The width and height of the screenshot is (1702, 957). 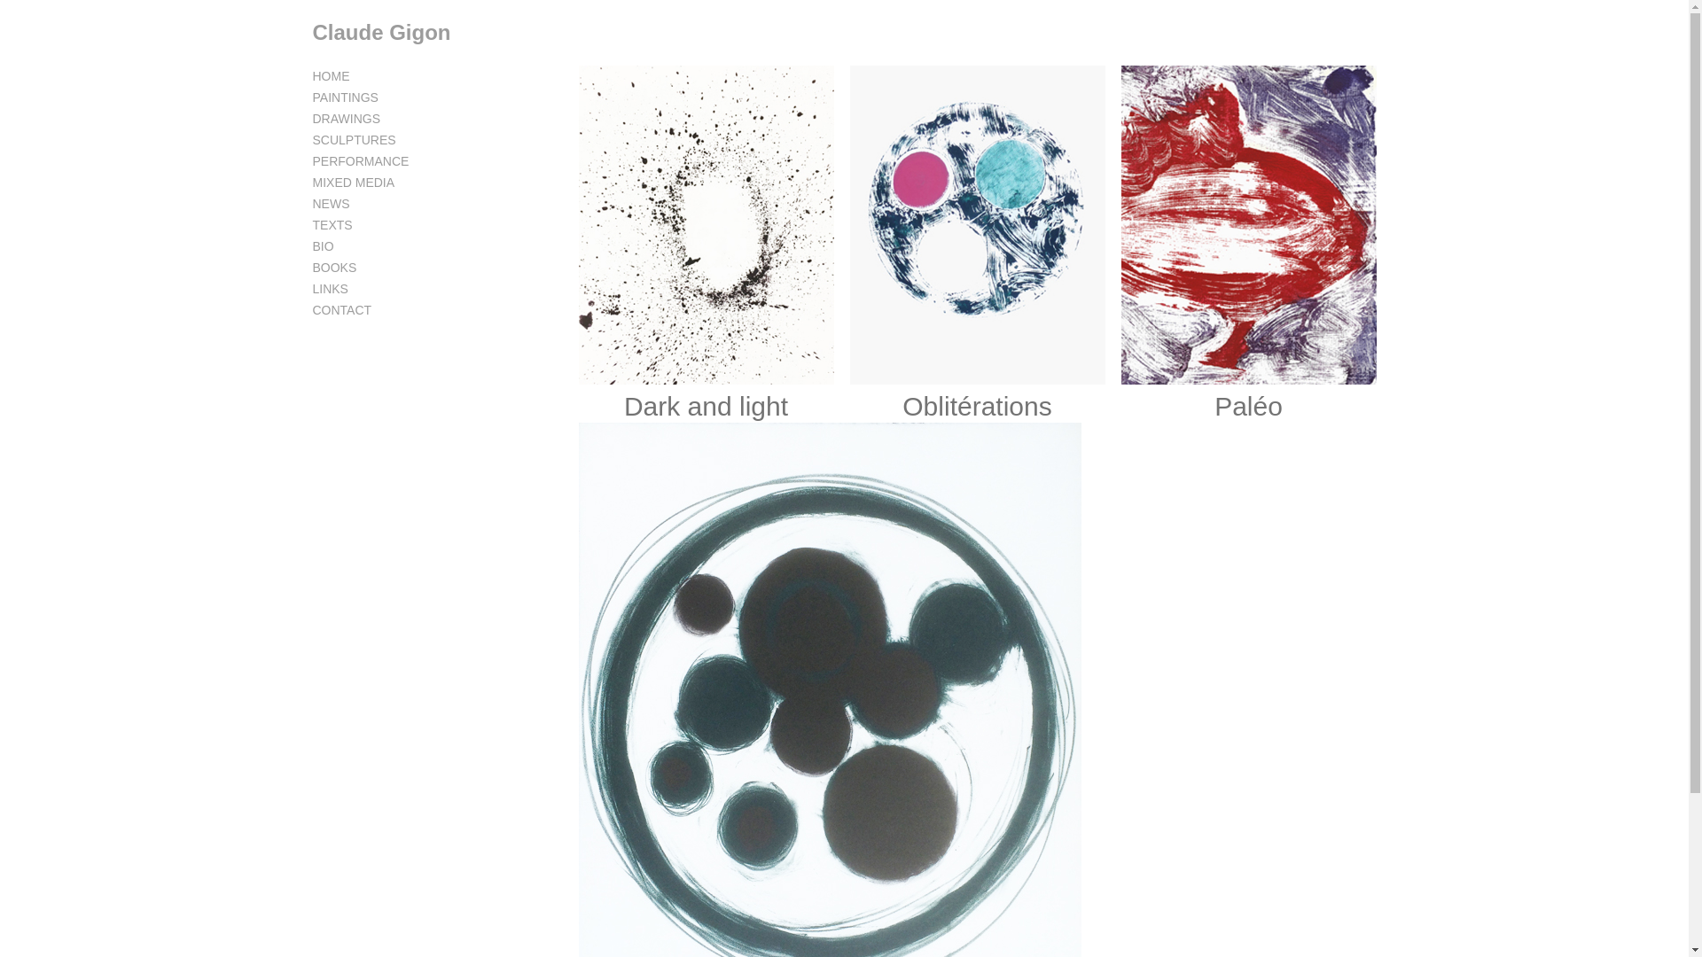 I want to click on 'PAINTINGS', so click(x=344, y=97).